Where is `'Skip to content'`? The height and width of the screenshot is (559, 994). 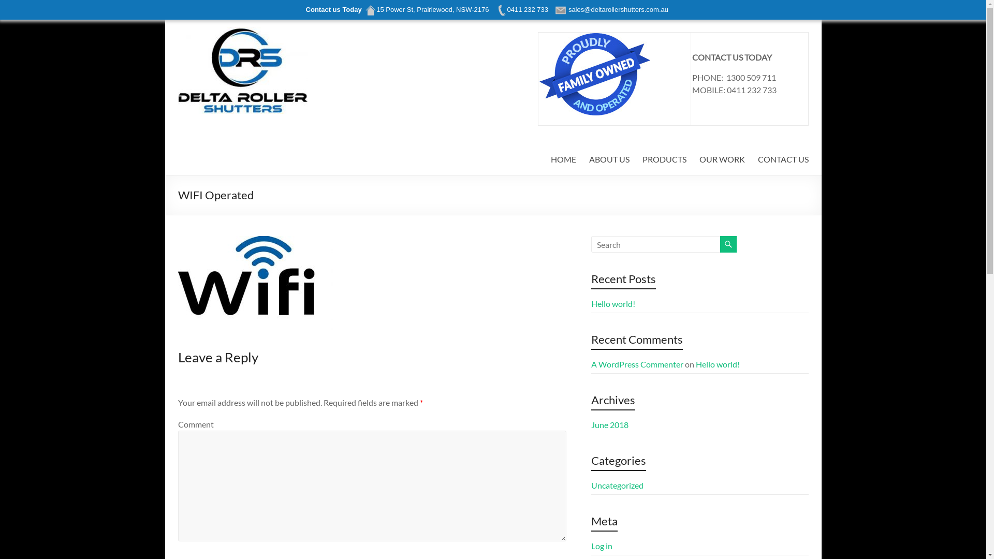
'Skip to content' is located at coordinates (164, 19).